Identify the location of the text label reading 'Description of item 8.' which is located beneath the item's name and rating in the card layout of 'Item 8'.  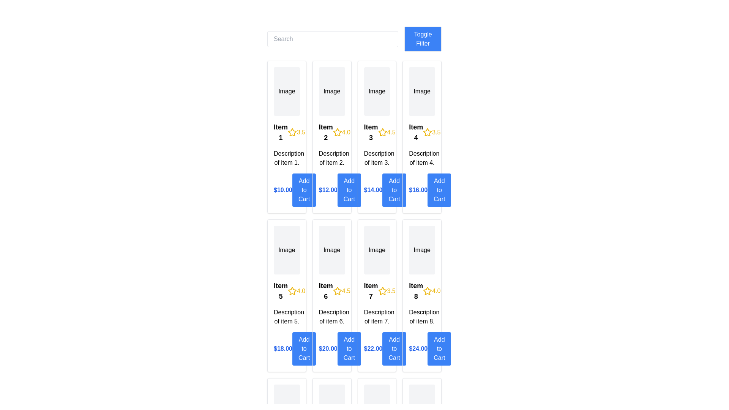
(421, 317).